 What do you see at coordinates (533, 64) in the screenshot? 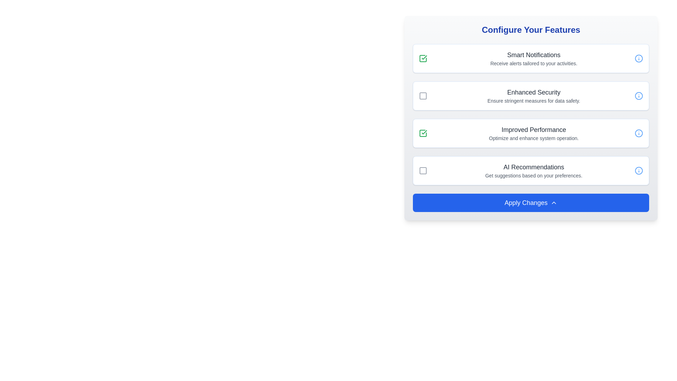
I see `the text label located below the 'Smart Notifications' heading in the feature configuration section` at bounding box center [533, 64].